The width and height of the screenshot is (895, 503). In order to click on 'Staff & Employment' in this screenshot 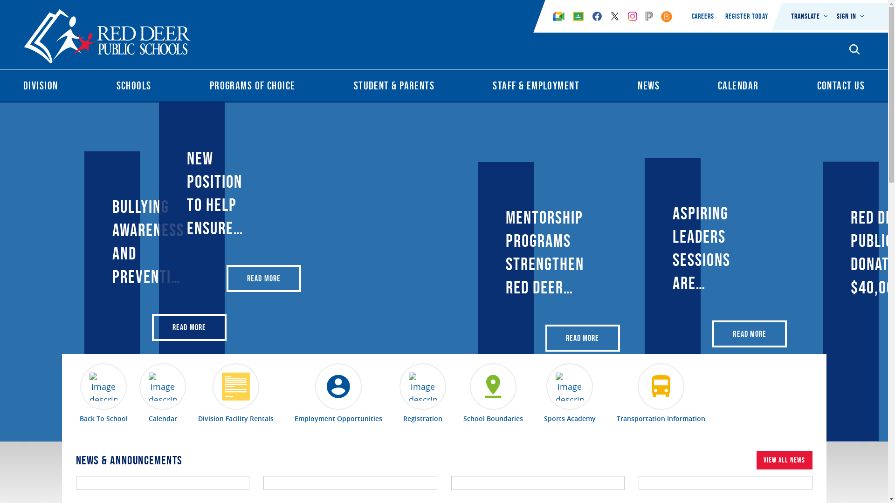, I will do `click(536, 88)`.